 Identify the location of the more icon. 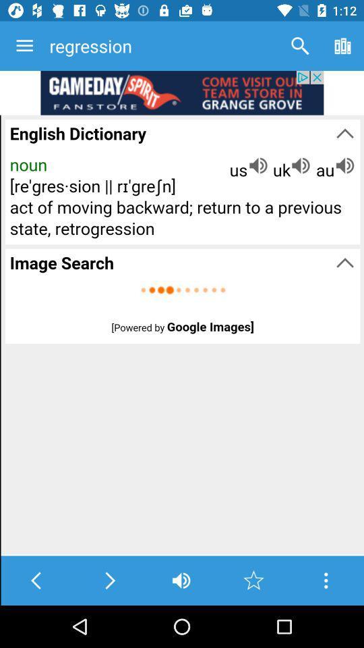
(325, 580).